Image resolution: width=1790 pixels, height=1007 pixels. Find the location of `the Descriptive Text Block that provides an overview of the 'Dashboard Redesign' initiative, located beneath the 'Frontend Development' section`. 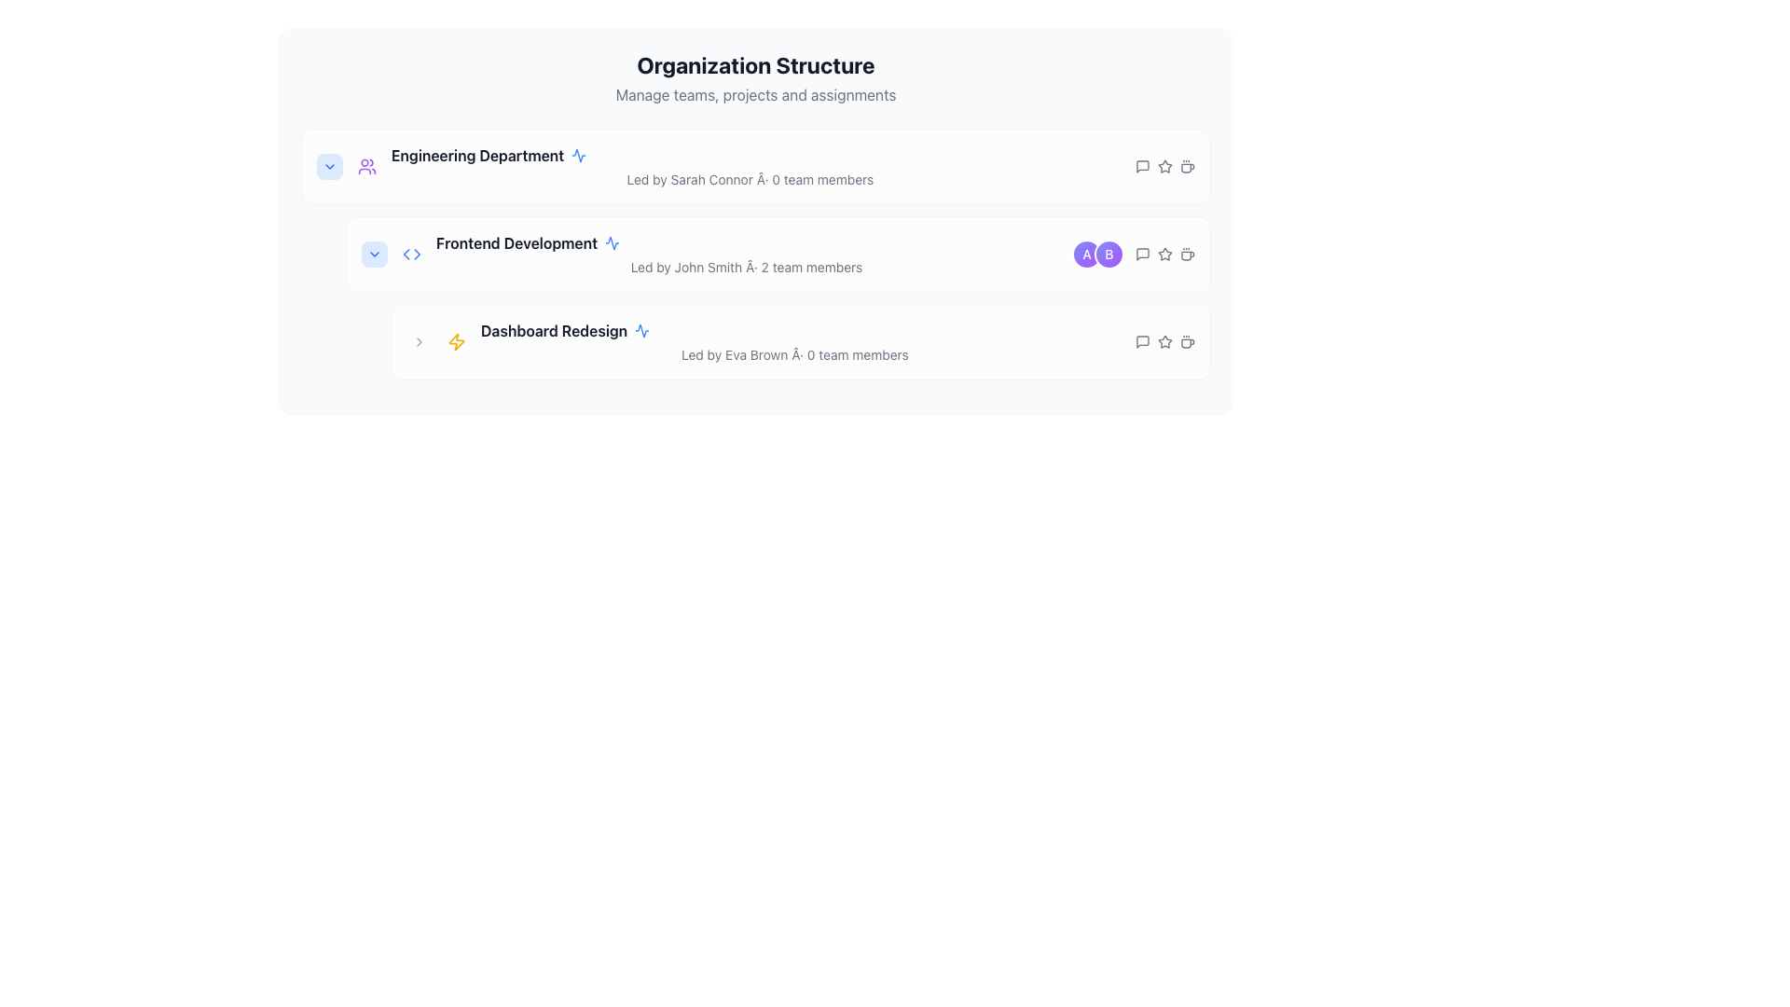

the Descriptive Text Block that provides an overview of the 'Dashboard Redesign' initiative, located beneath the 'Frontend Development' section is located at coordinates (795, 341).